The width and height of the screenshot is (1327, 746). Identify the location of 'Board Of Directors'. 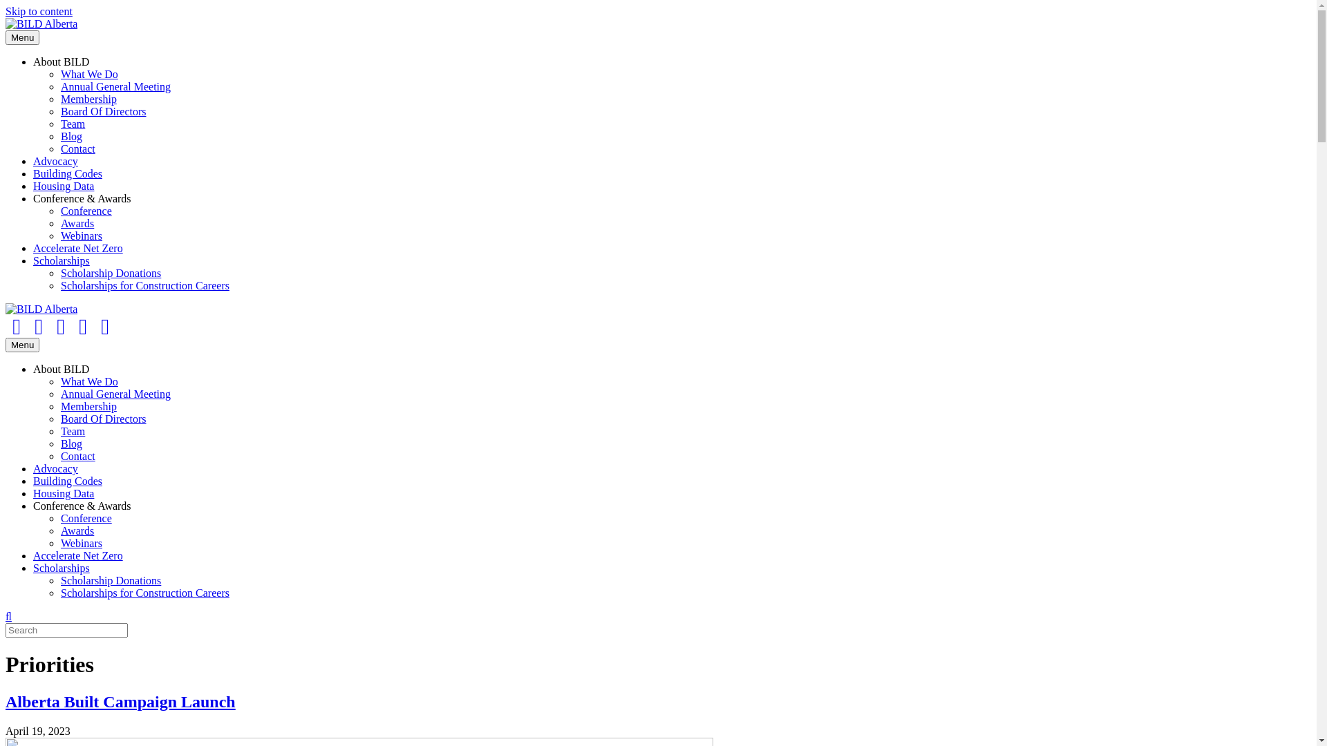
(102, 111).